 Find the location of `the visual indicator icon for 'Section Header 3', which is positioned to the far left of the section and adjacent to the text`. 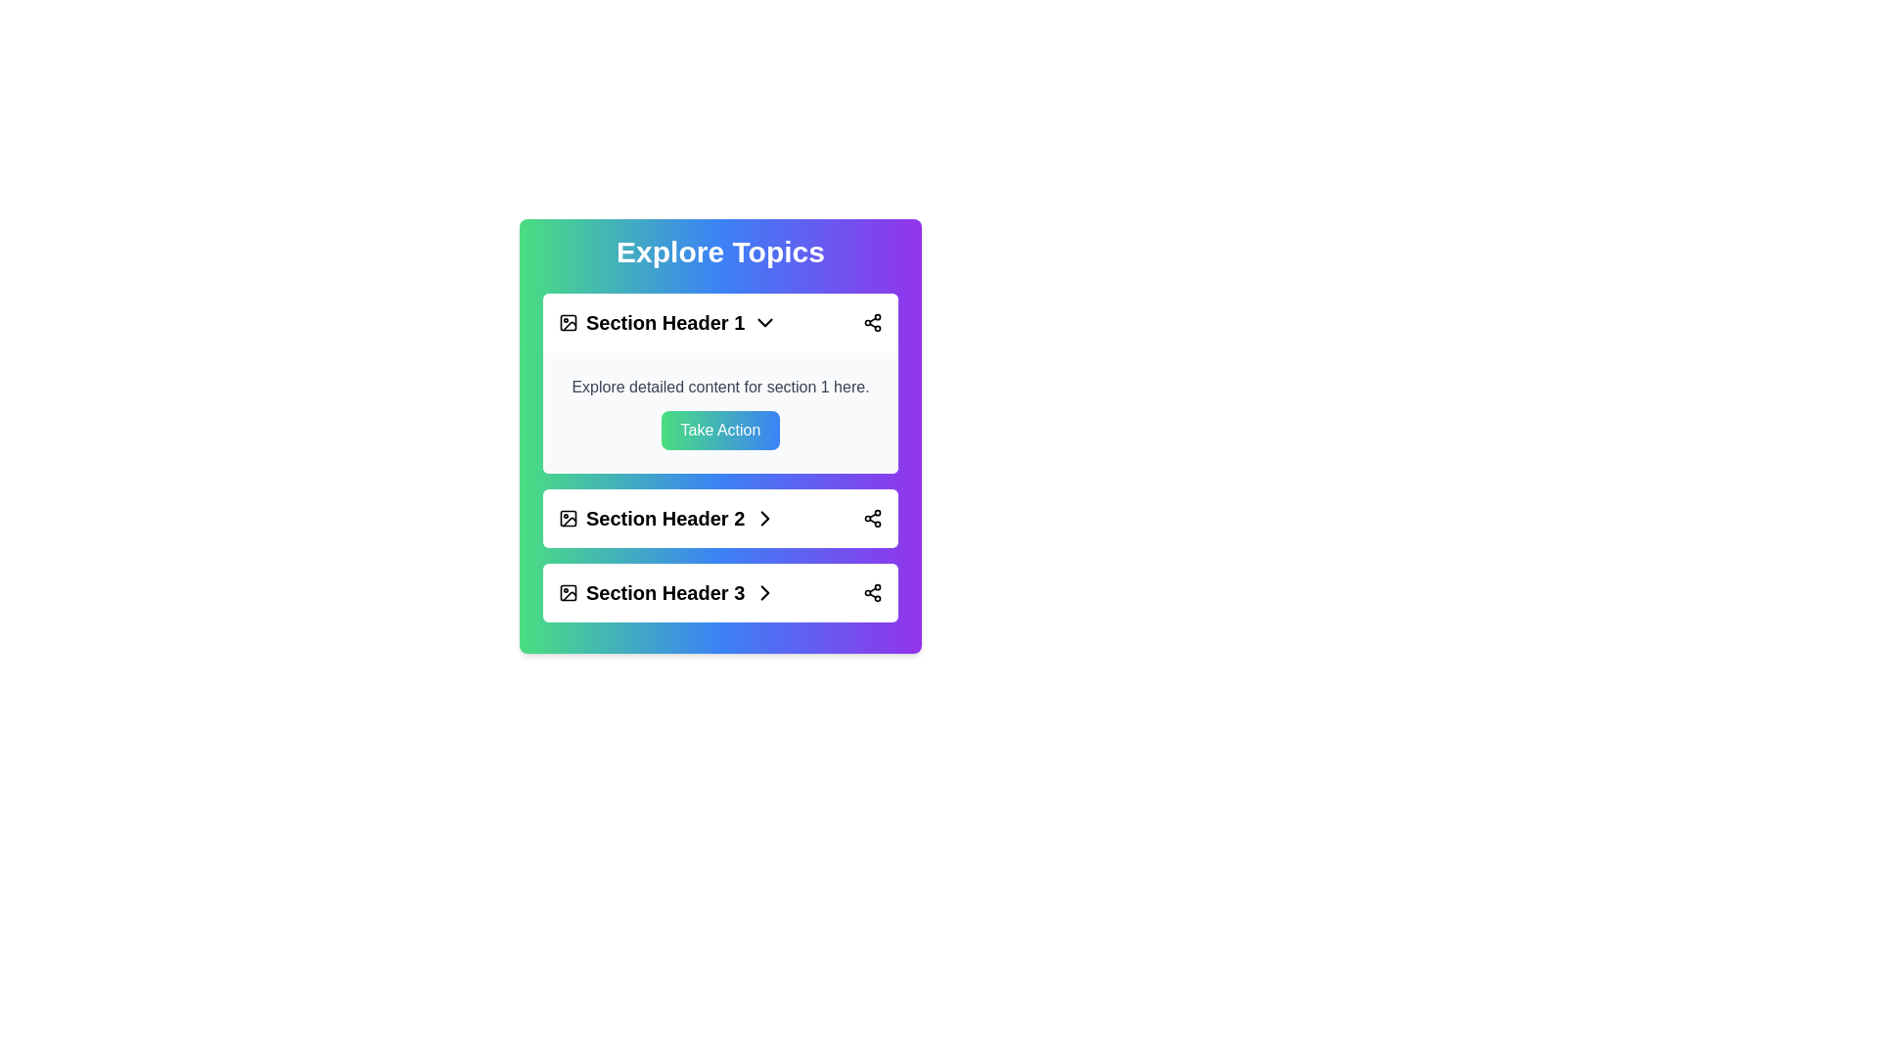

the visual indicator icon for 'Section Header 3', which is positioned to the far left of the section and adjacent to the text is located at coordinates (567, 591).